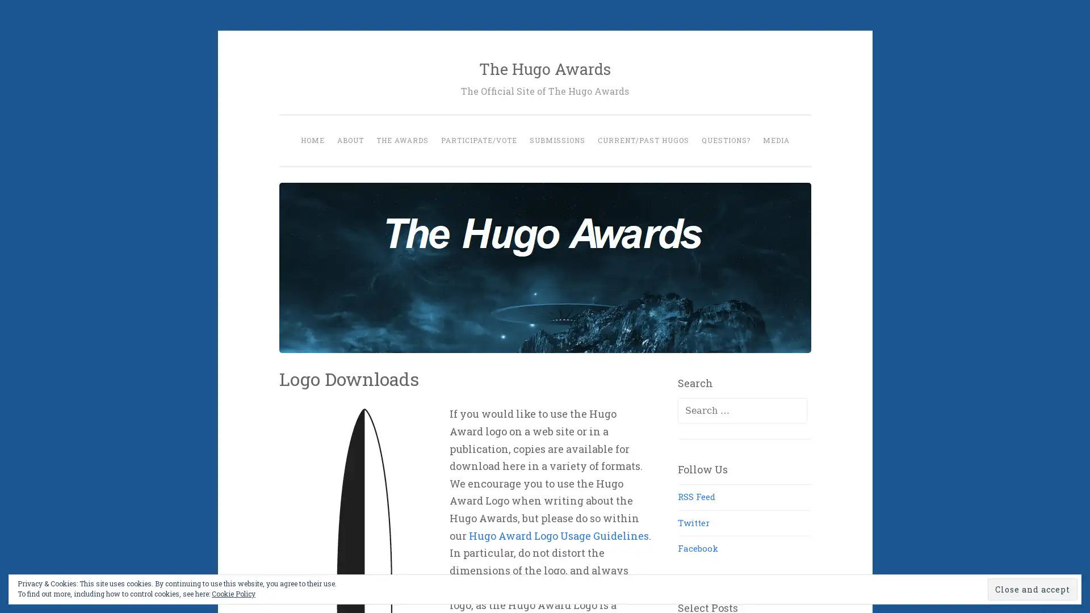  What do you see at coordinates (1033, 589) in the screenshot?
I see `Close and accept` at bounding box center [1033, 589].